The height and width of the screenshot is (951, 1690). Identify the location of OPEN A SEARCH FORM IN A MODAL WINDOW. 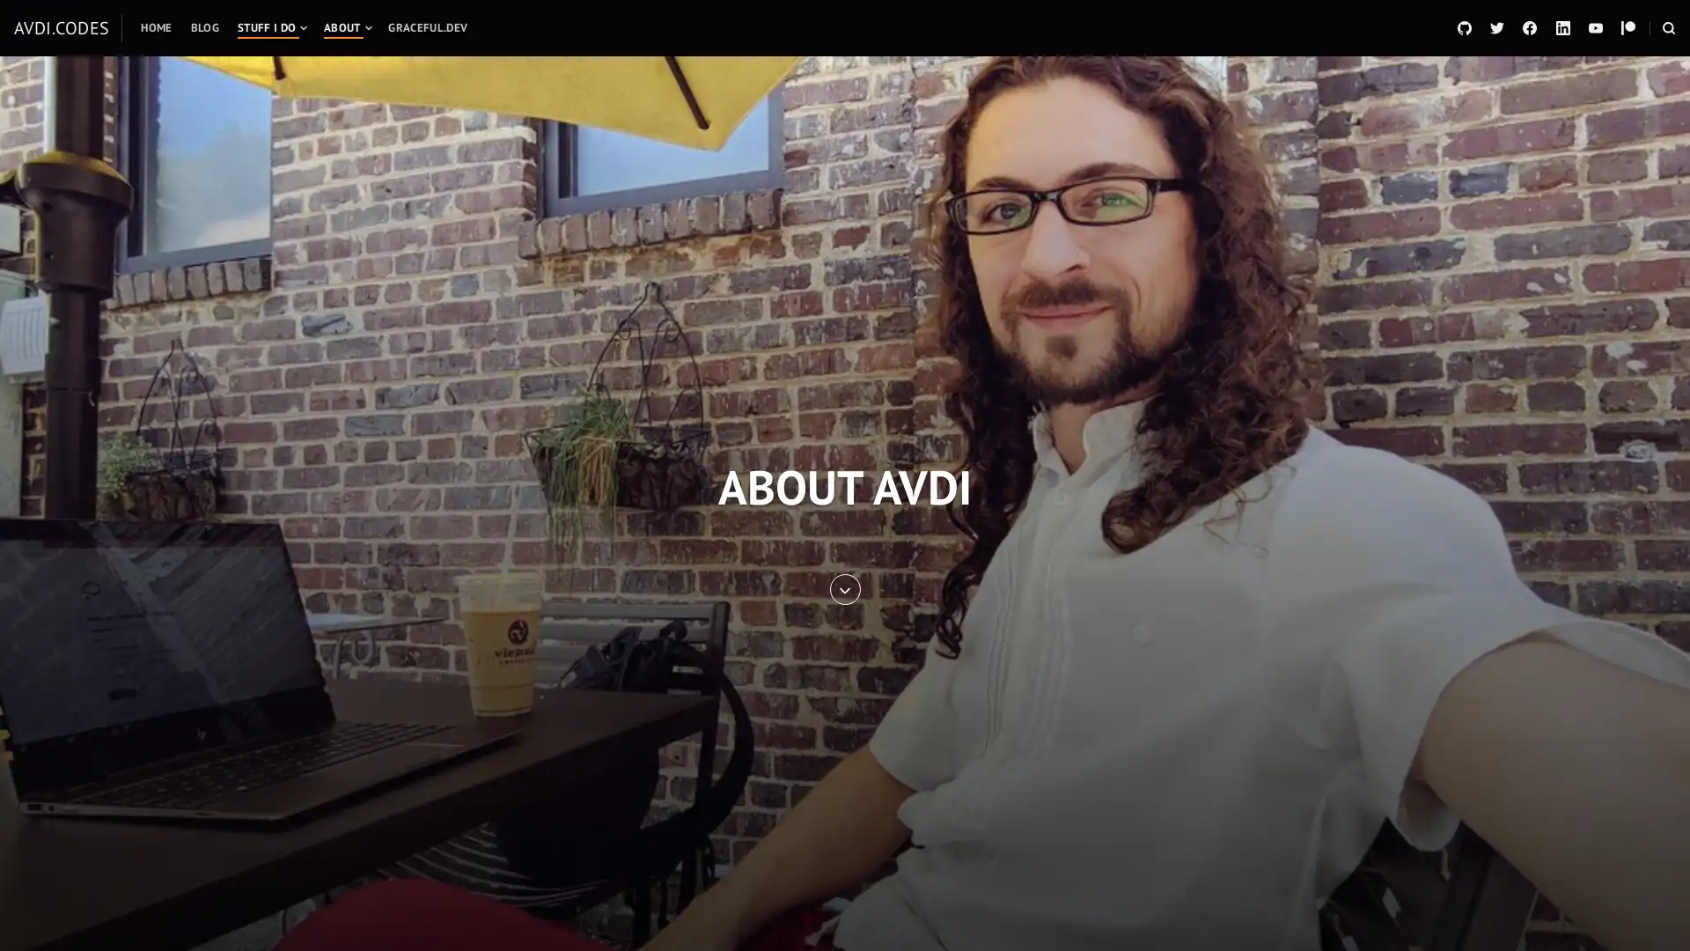
(1668, 27).